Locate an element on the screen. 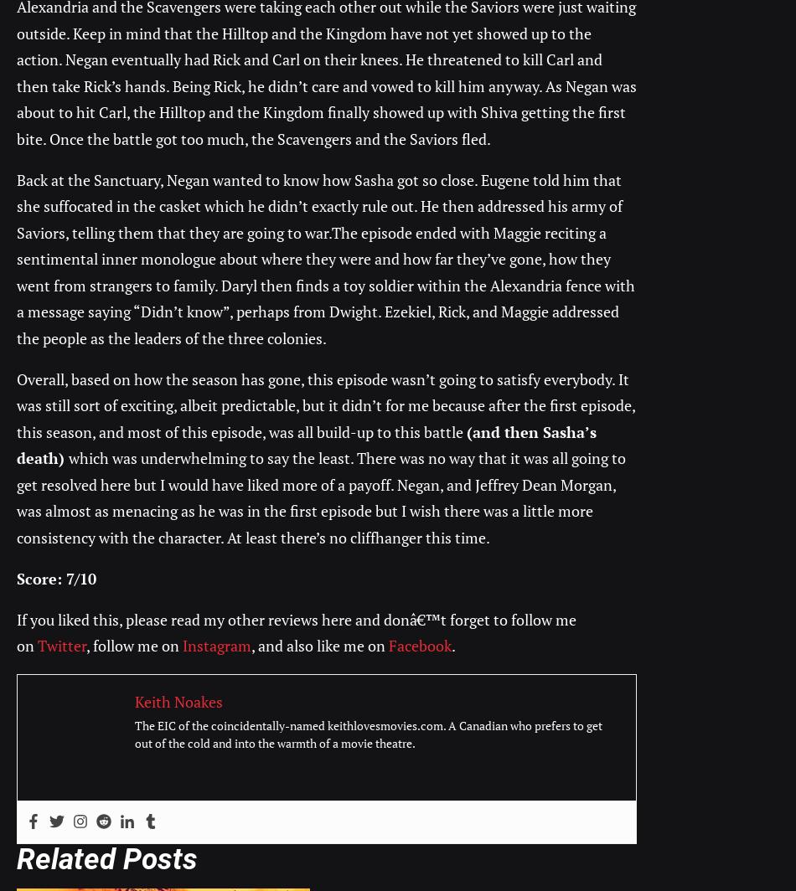 The width and height of the screenshot is (796, 891). 'The EIC of the coincidentally-named keithlovesmovies.com. A Canadian who prefers to get out of the cold and into the warmth of a movie theatre.' is located at coordinates (368, 734).